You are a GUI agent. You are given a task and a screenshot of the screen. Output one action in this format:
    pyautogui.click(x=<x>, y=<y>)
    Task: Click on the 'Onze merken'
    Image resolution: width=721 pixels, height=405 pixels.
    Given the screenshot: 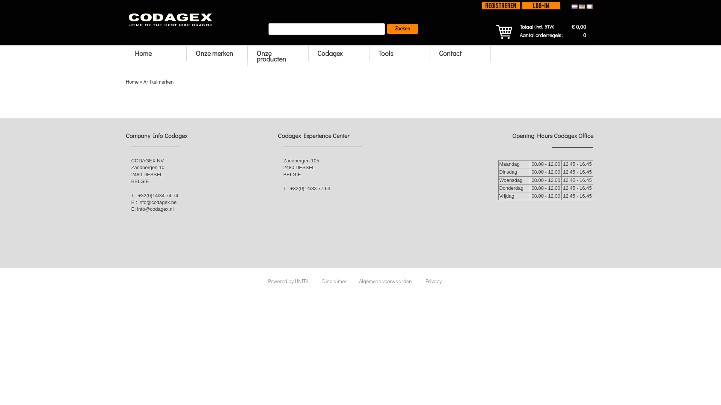 What is the action you would take?
    pyautogui.click(x=216, y=53)
    